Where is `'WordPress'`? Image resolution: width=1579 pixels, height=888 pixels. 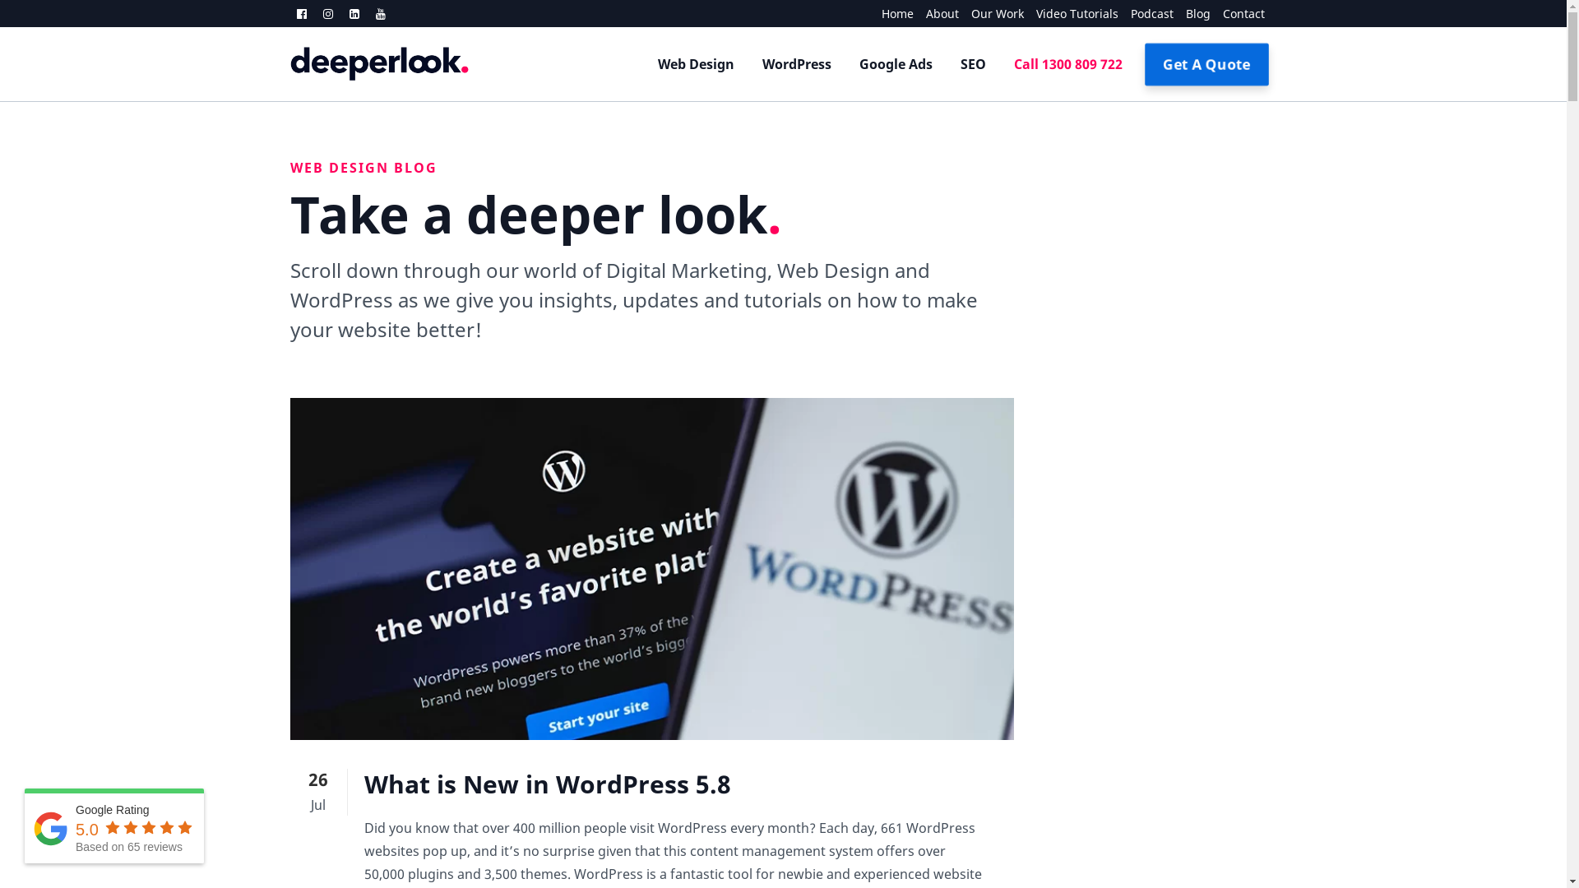
'WordPress' is located at coordinates (797, 62).